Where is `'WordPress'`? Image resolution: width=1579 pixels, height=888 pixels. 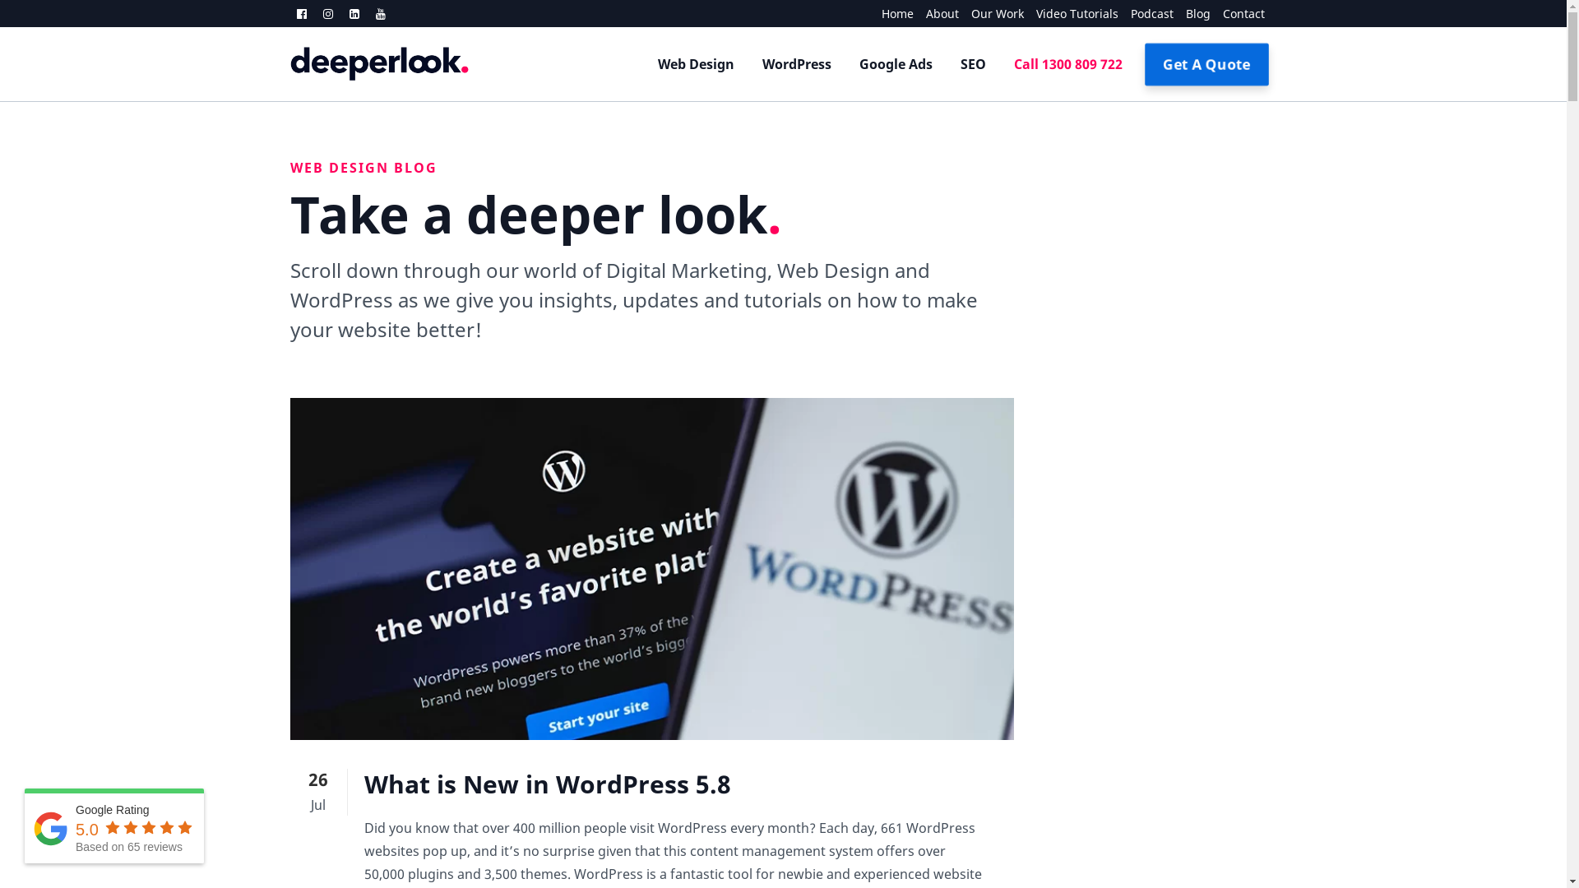
'WordPress' is located at coordinates (797, 62).